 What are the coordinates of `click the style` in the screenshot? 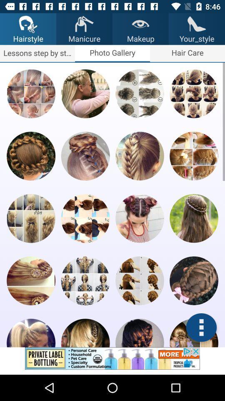 It's located at (140, 333).